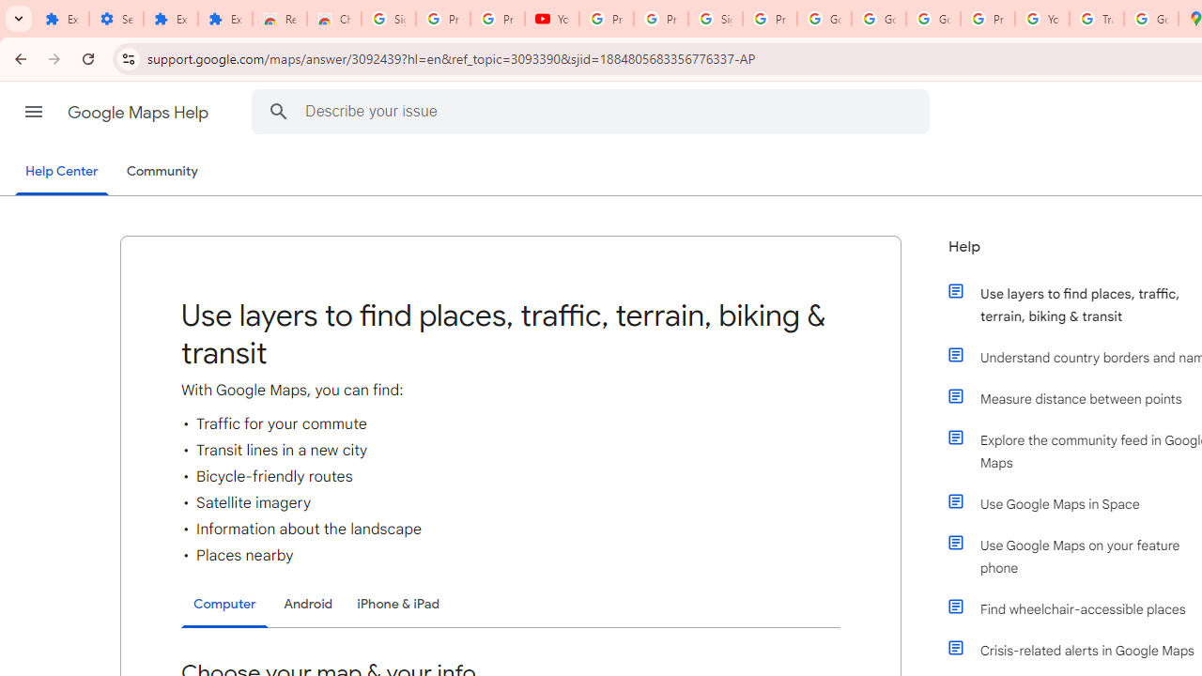  I want to click on 'Reviews: Helix Fruit Jump Arcade Game', so click(278, 19).